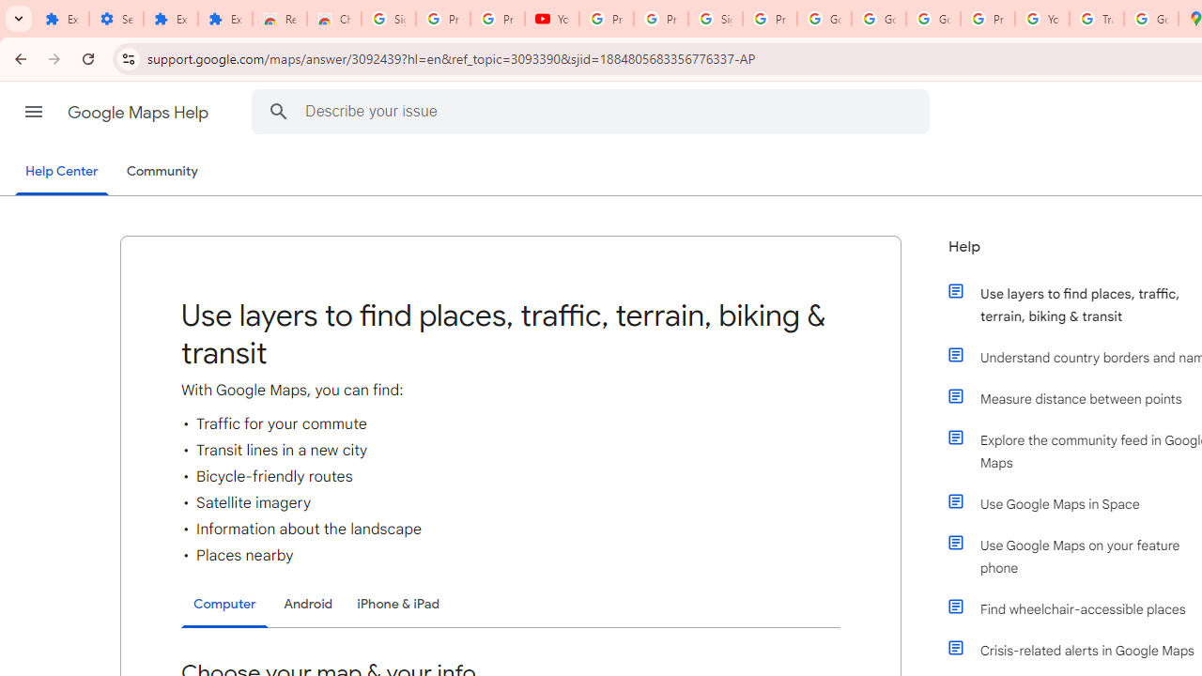  I want to click on 'Reviews: Helix Fruit Jump Arcade Game', so click(278, 19).